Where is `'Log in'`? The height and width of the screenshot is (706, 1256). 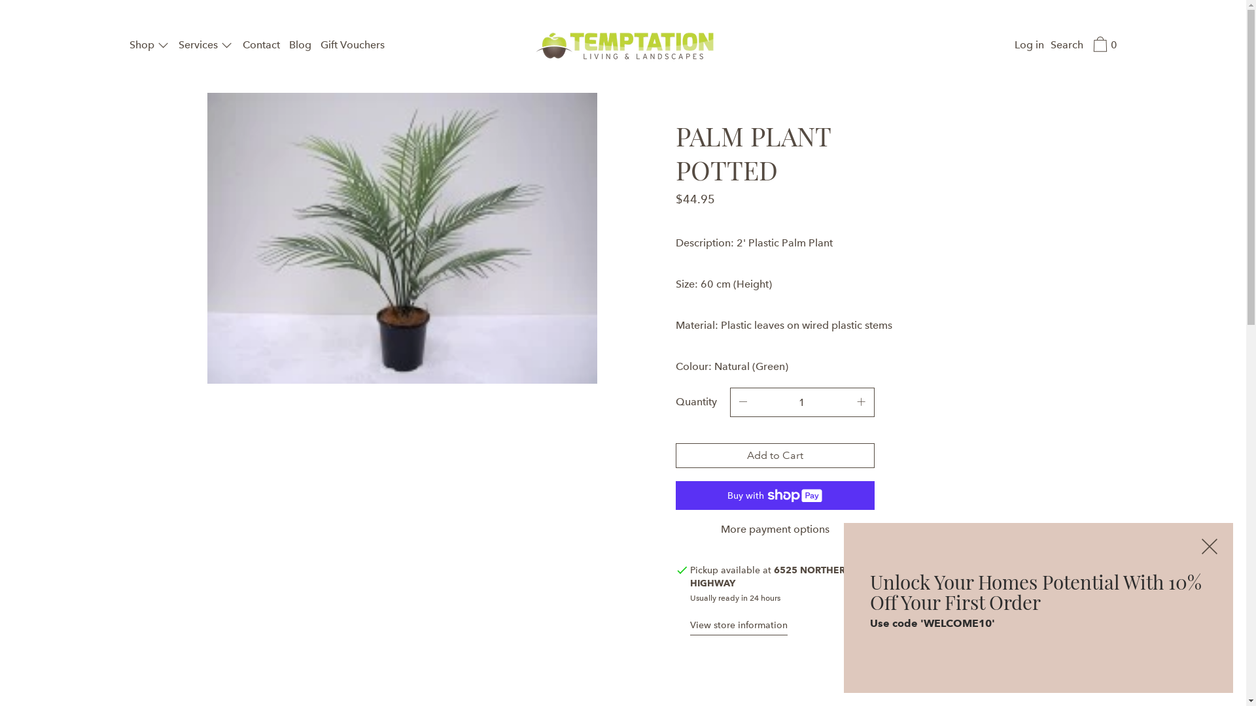
'Log in' is located at coordinates (1028, 45).